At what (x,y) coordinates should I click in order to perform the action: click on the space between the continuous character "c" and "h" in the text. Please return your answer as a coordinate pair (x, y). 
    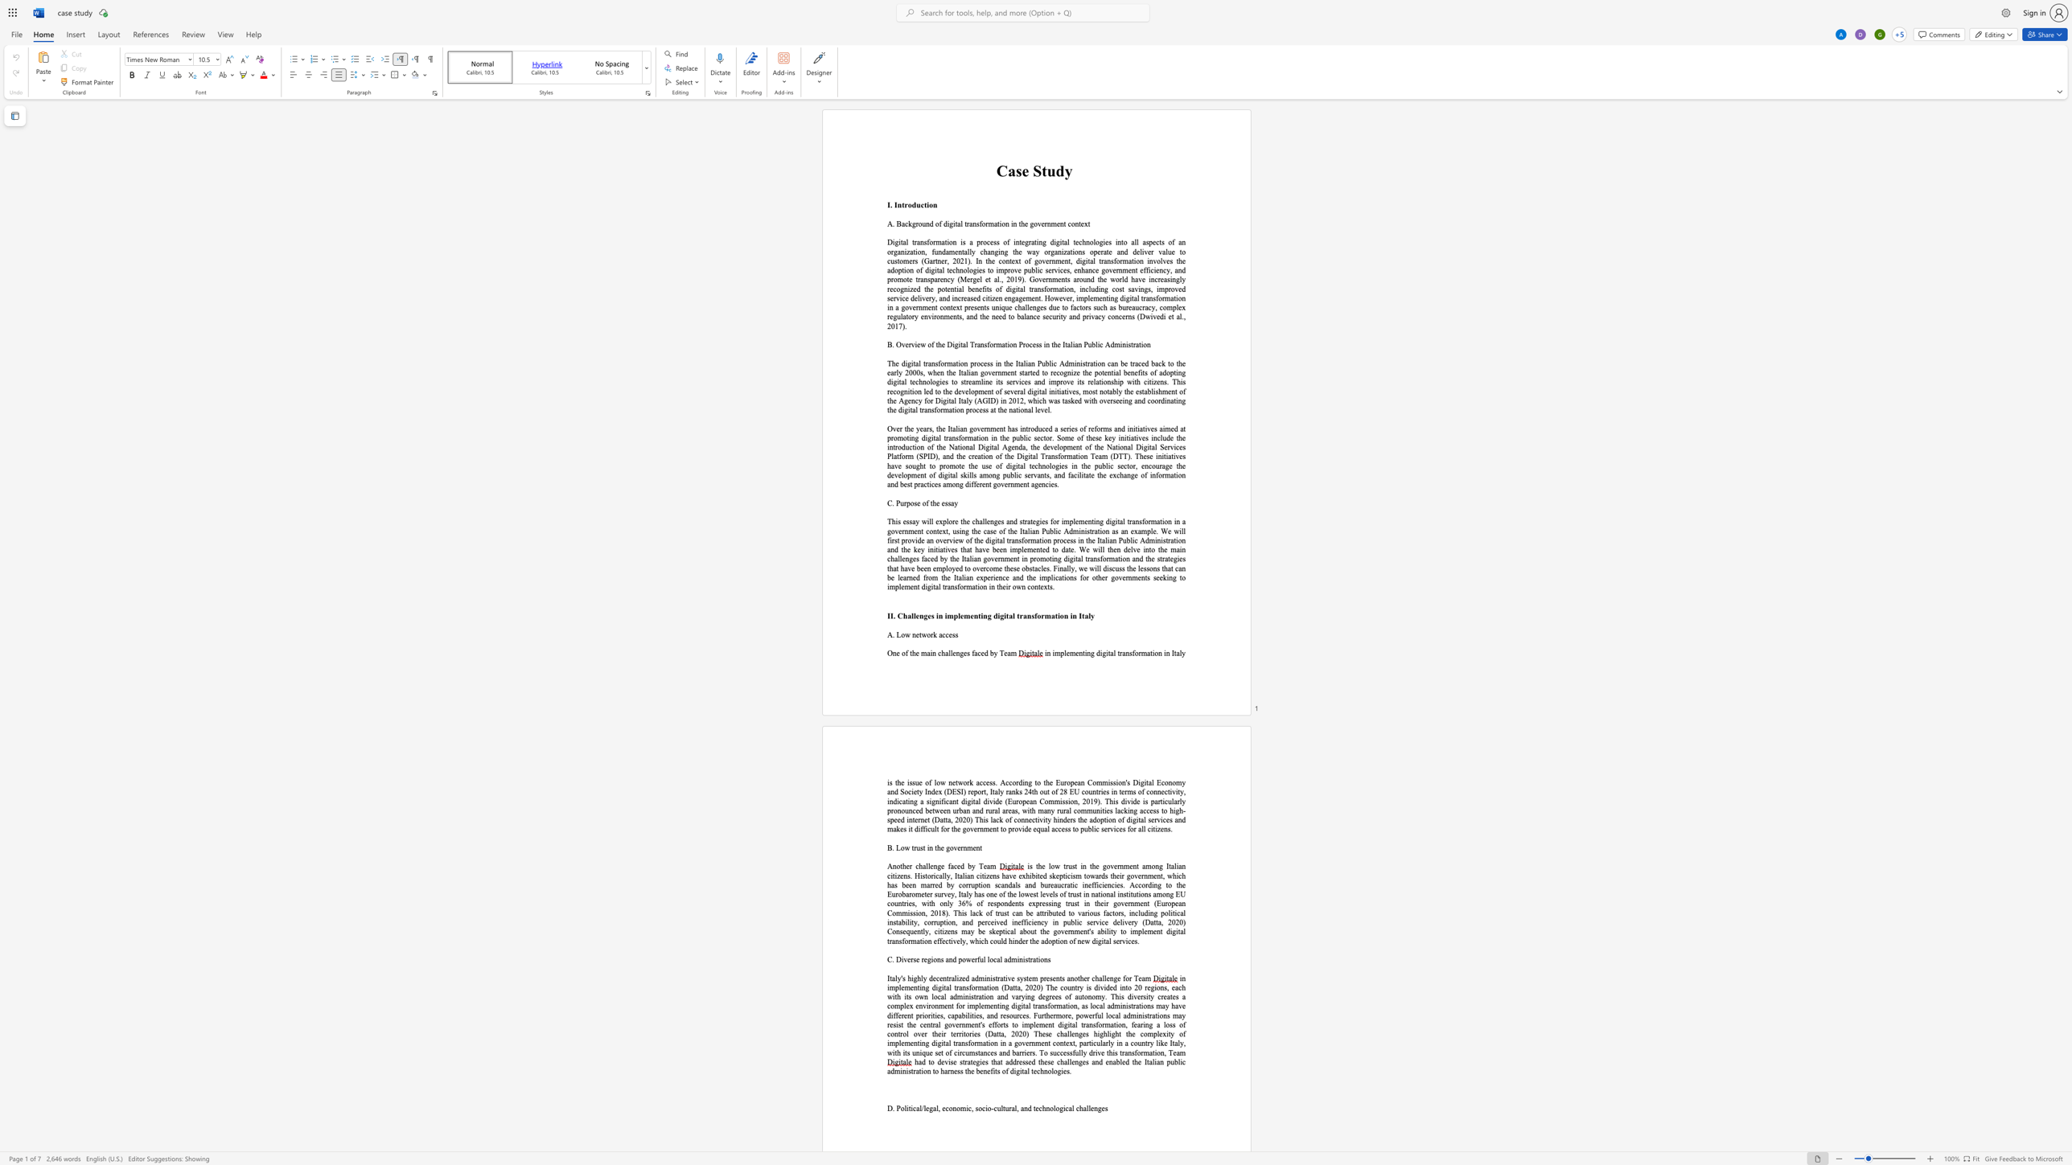
    Looking at the image, I should click on (940, 653).